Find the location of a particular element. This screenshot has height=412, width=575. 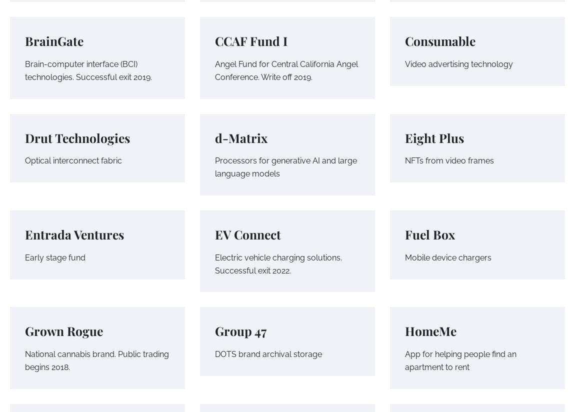

'Entrada Ventures' is located at coordinates (74, 234).